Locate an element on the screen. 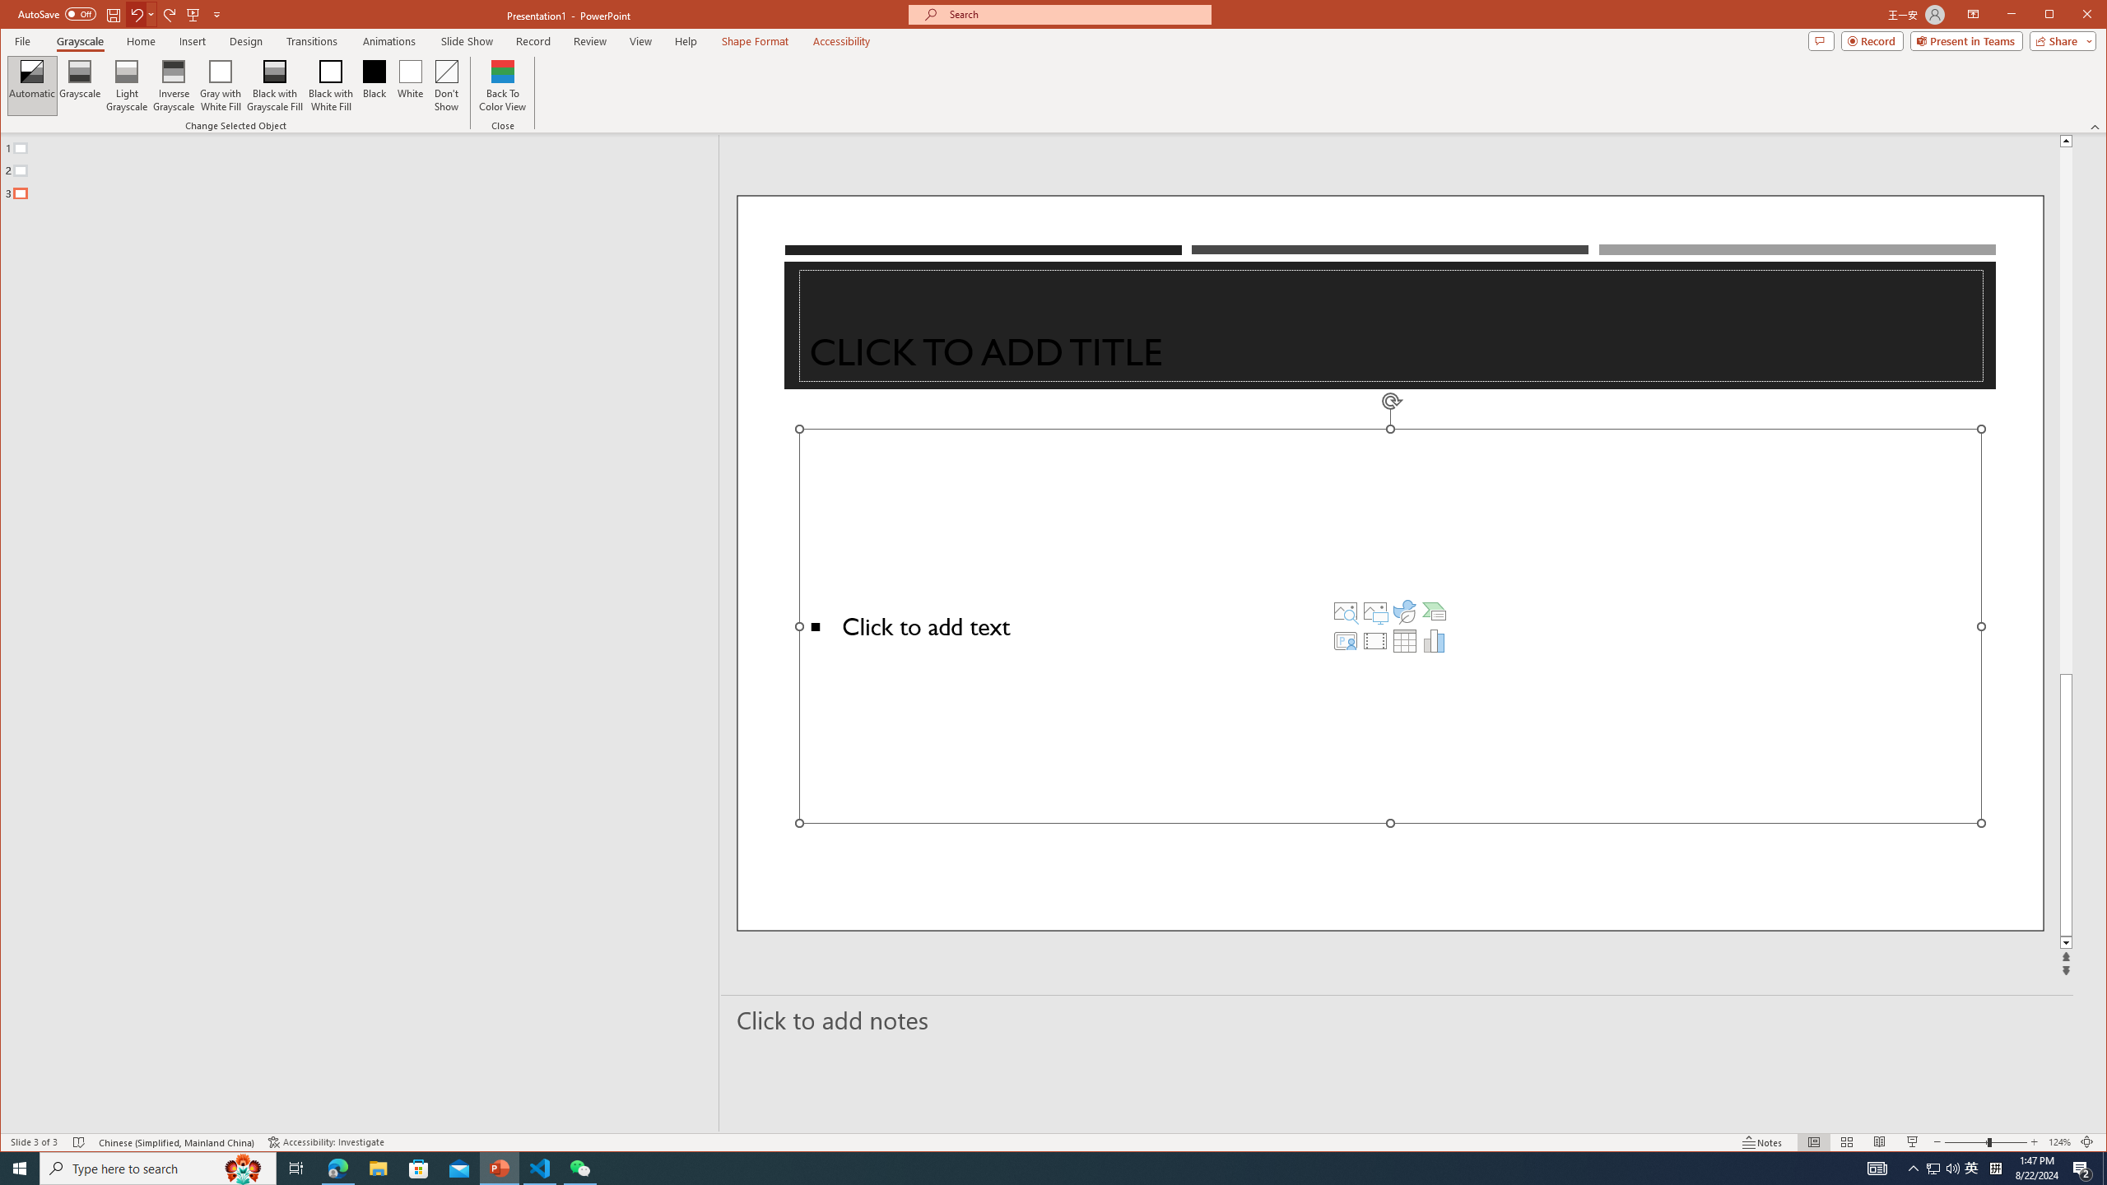 This screenshot has height=1185, width=2107. 'White' is located at coordinates (410, 85).